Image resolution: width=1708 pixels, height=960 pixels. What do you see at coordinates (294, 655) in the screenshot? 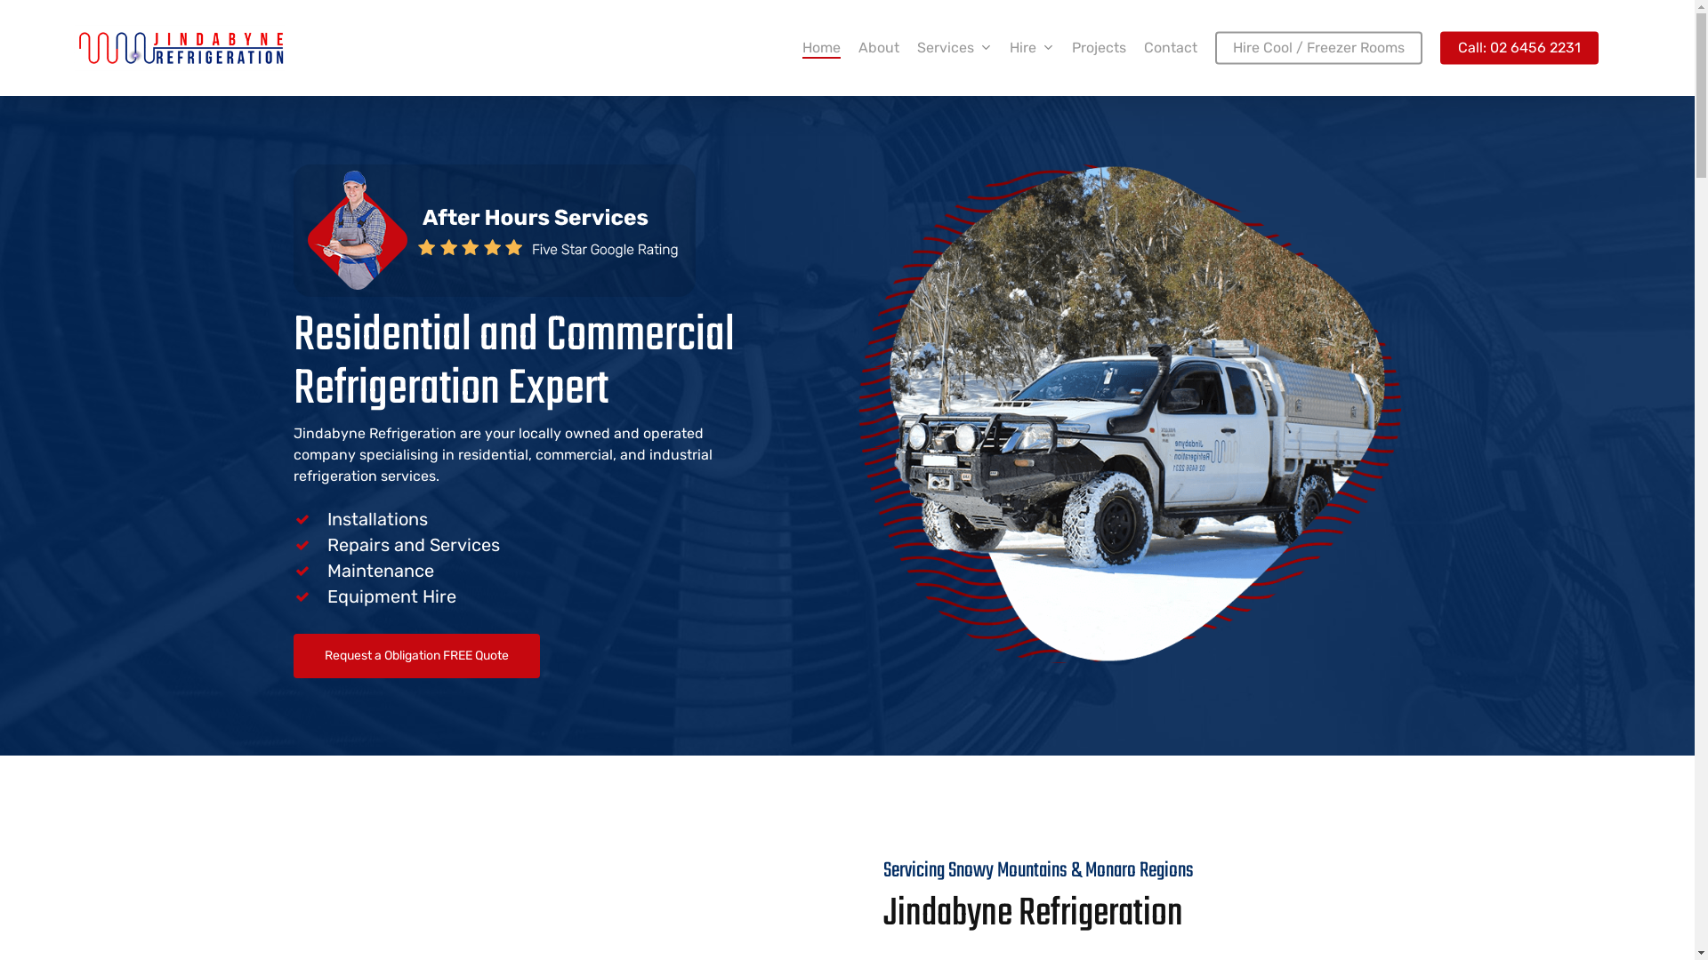
I see `'Request a Obligation FREE Quote'` at bounding box center [294, 655].